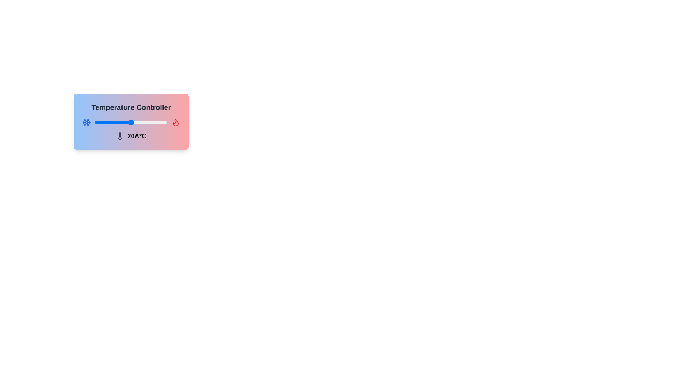  I want to click on the displayed temperature value from the text element, so click(131, 136).